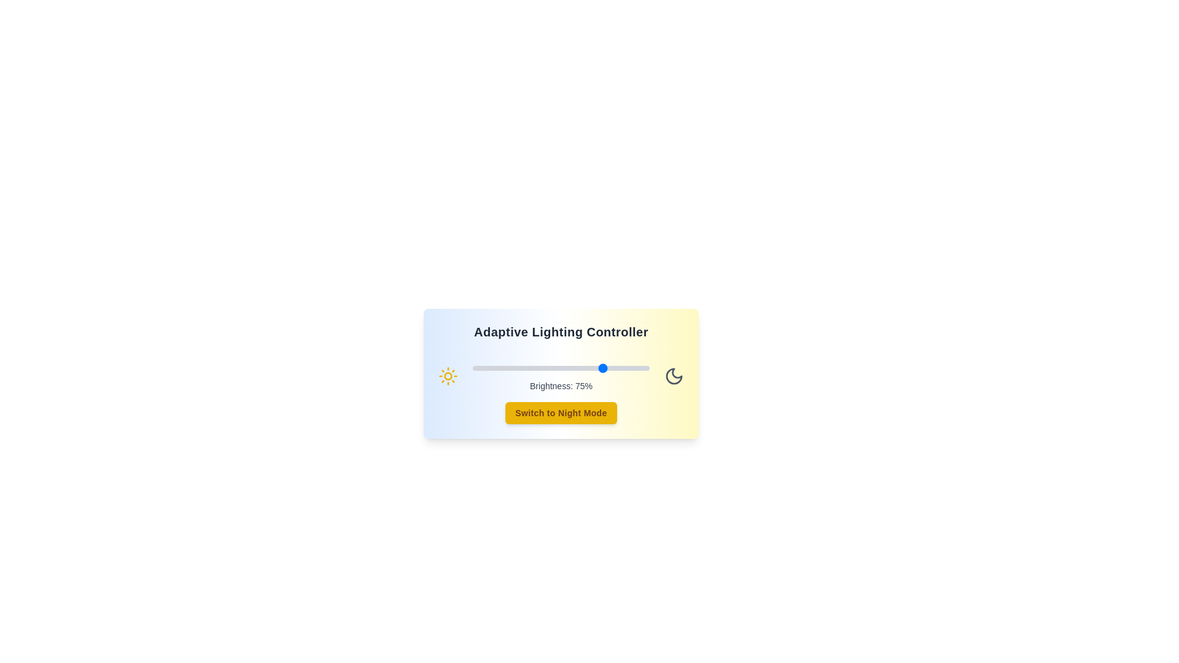 This screenshot has width=1179, height=663. I want to click on the button on the brightness control panel to switch modes, so click(560, 373).